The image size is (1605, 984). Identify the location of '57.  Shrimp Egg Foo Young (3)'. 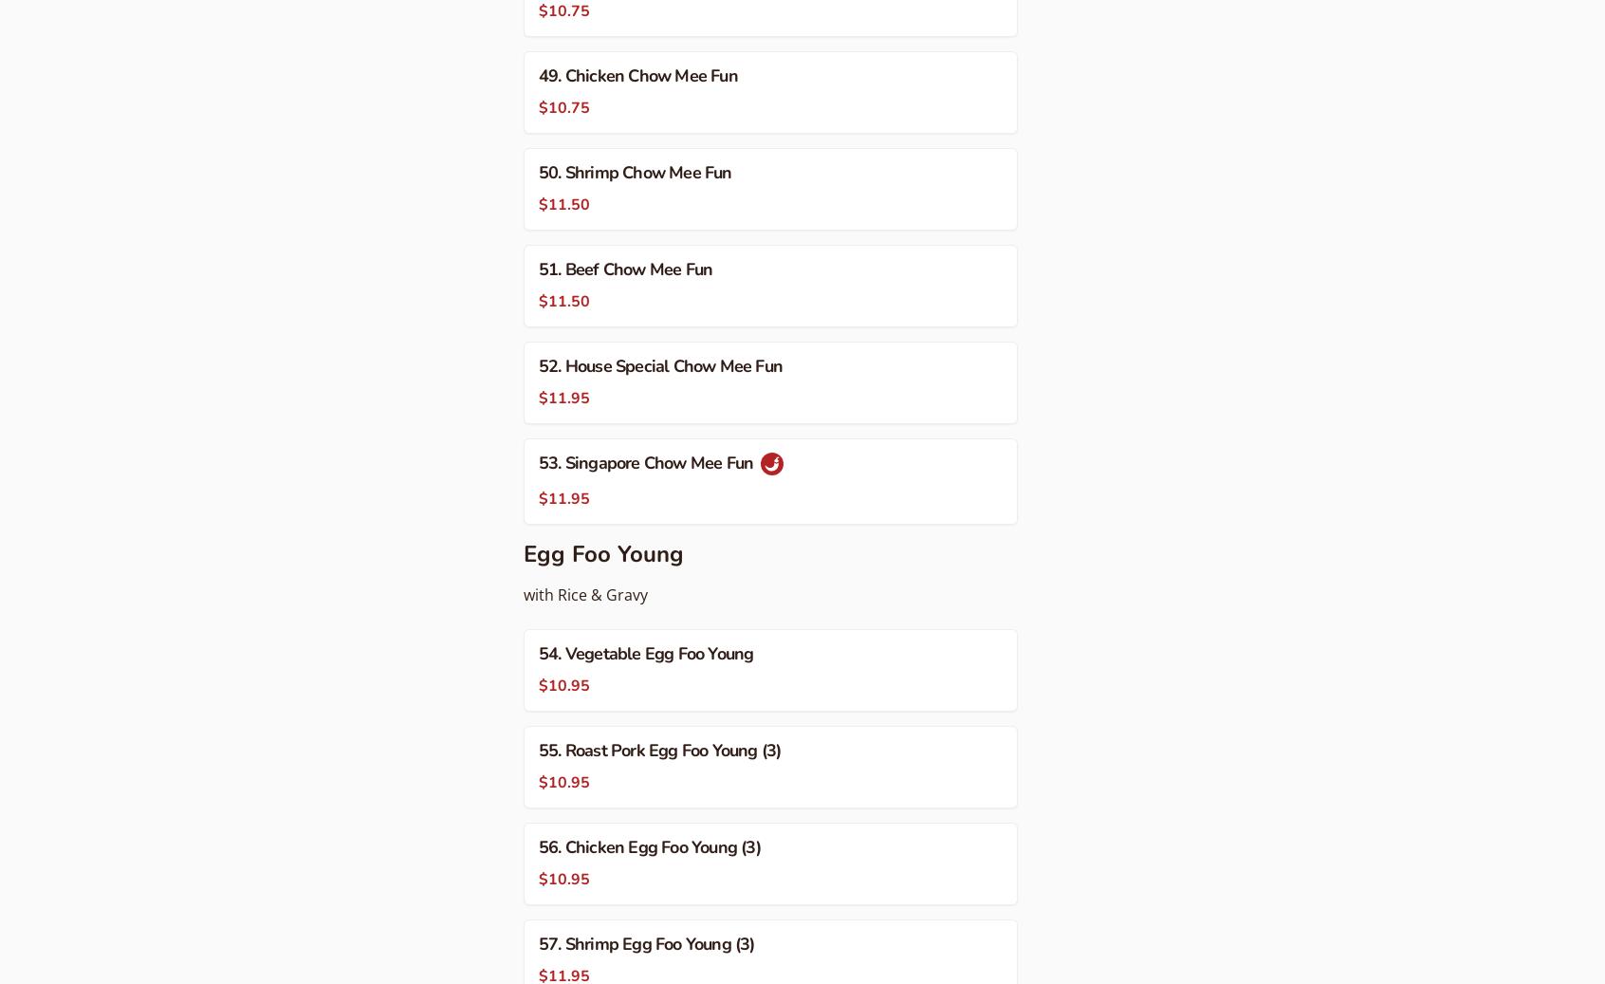
(646, 944).